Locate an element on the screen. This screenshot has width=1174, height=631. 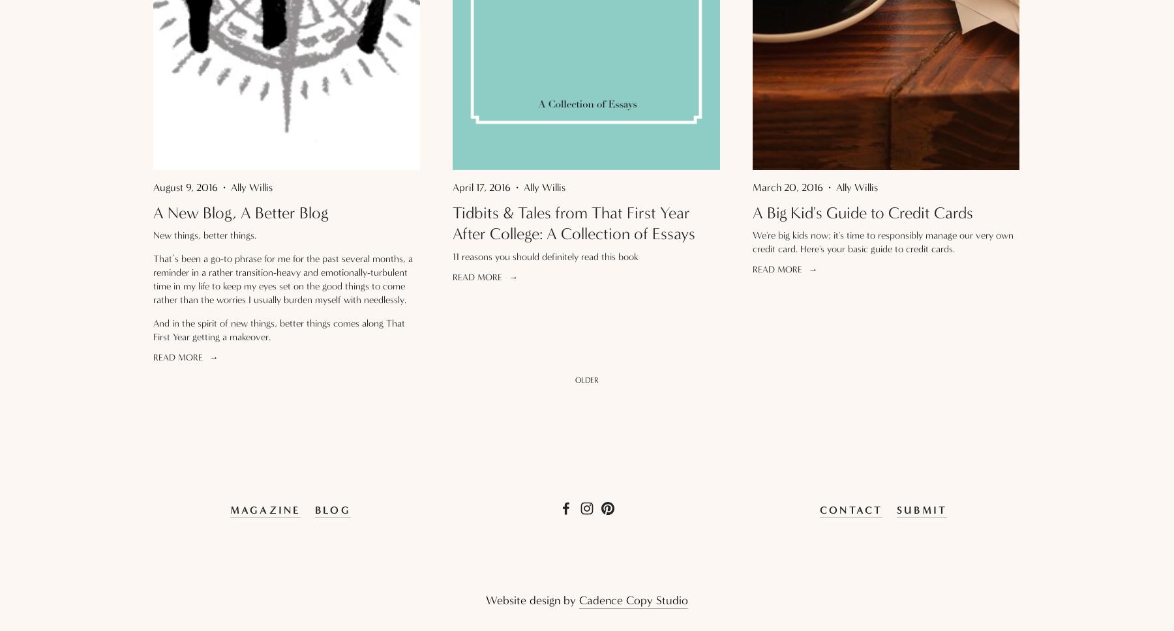
'April 17, 2016' is located at coordinates (481, 186).